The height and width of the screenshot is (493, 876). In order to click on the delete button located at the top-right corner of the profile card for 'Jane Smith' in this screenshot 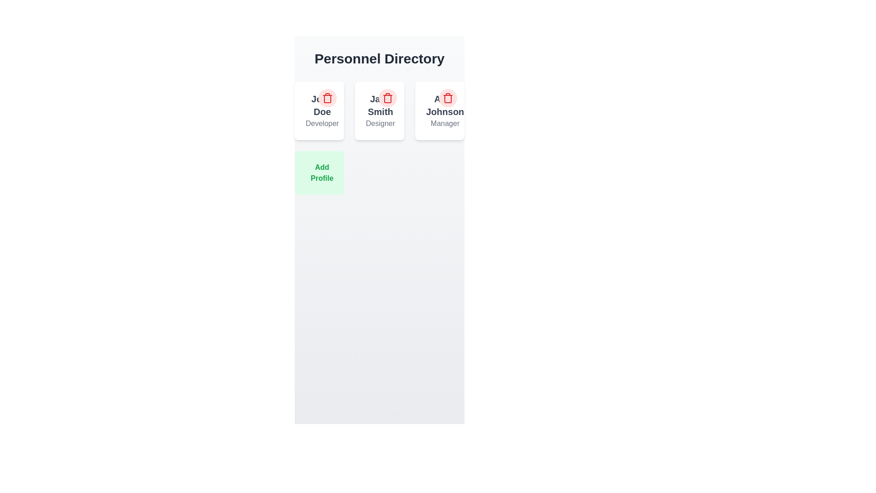, I will do `click(387, 98)`.